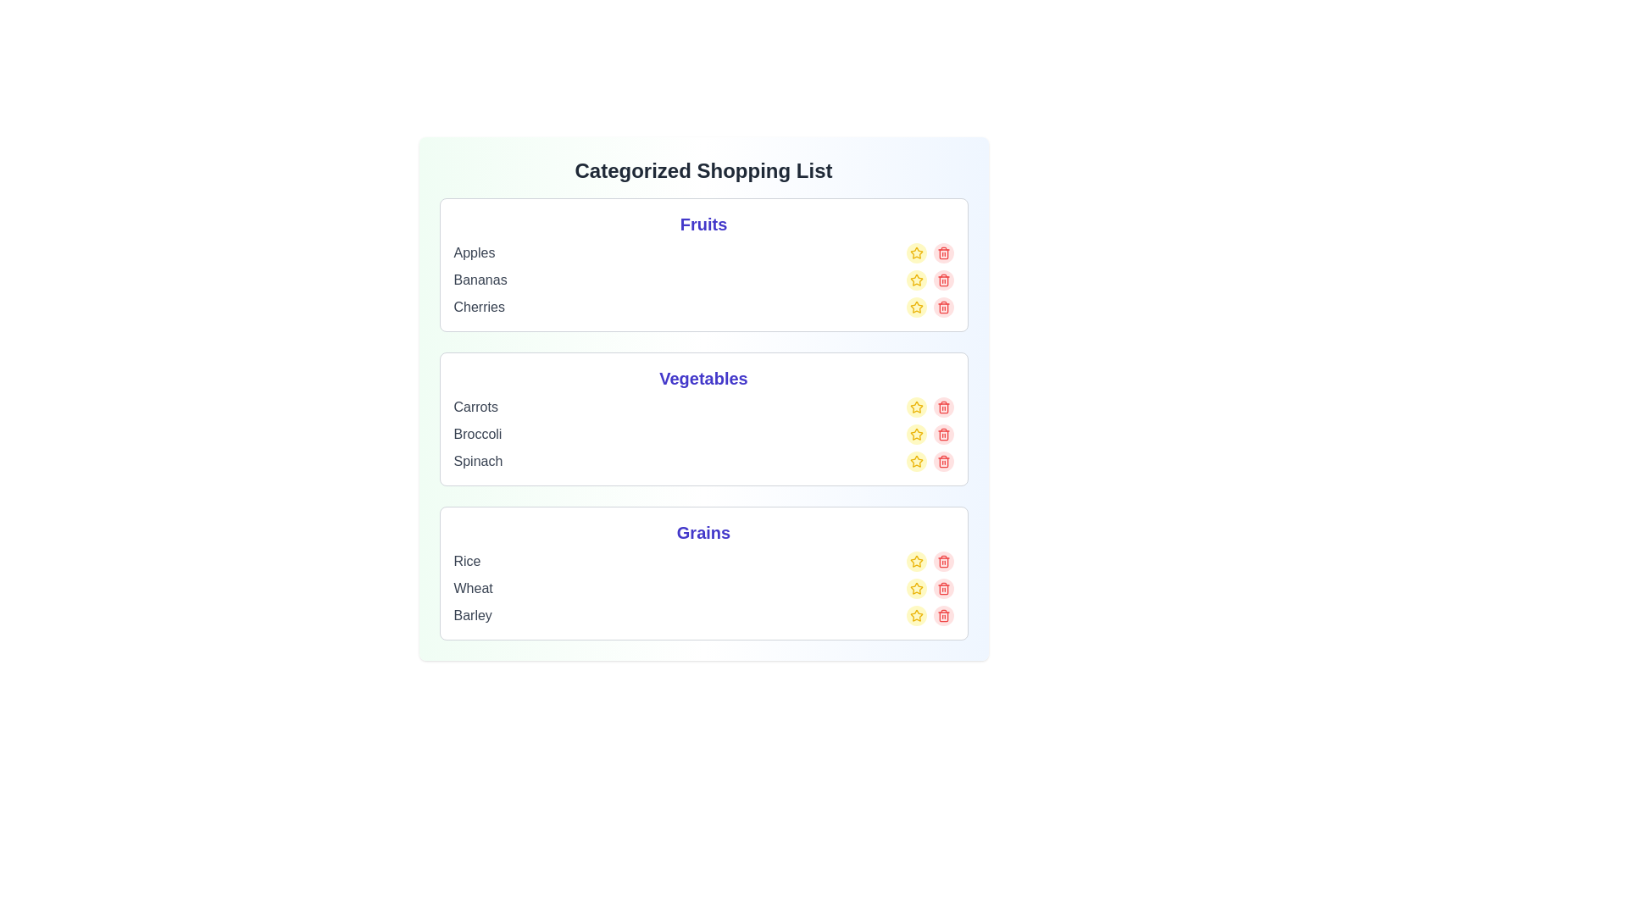 This screenshot has height=915, width=1627. Describe the element at coordinates (703, 264) in the screenshot. I see `the category card for Fruits` at that location.